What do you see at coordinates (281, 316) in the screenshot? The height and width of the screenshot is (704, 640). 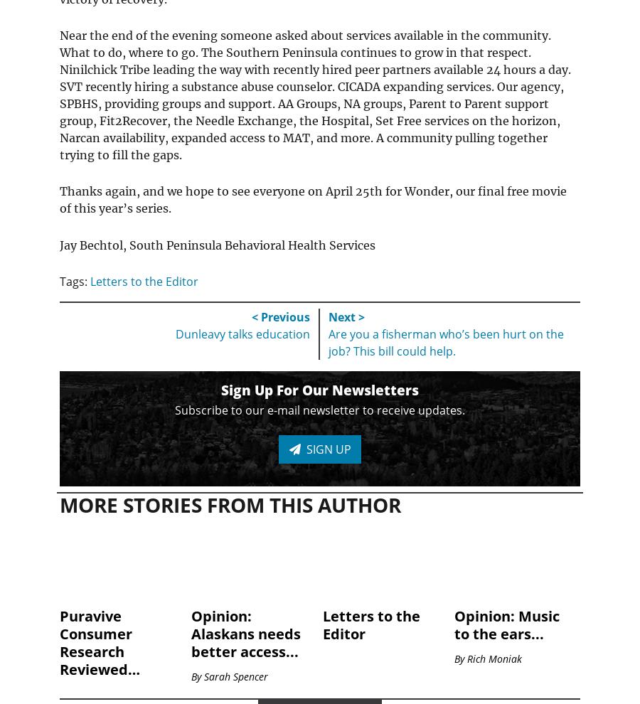 I see `'< Previous'` at bounding box center [281, 316].